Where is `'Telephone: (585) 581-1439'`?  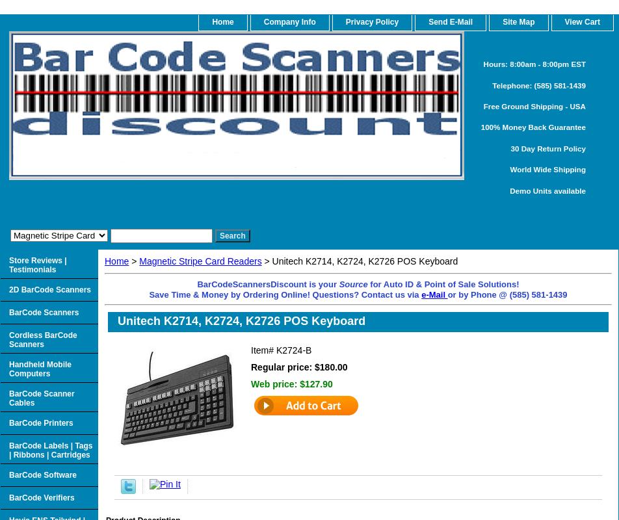 'Telephone: (585) 581-1439' is located at coordinates (539, 84).